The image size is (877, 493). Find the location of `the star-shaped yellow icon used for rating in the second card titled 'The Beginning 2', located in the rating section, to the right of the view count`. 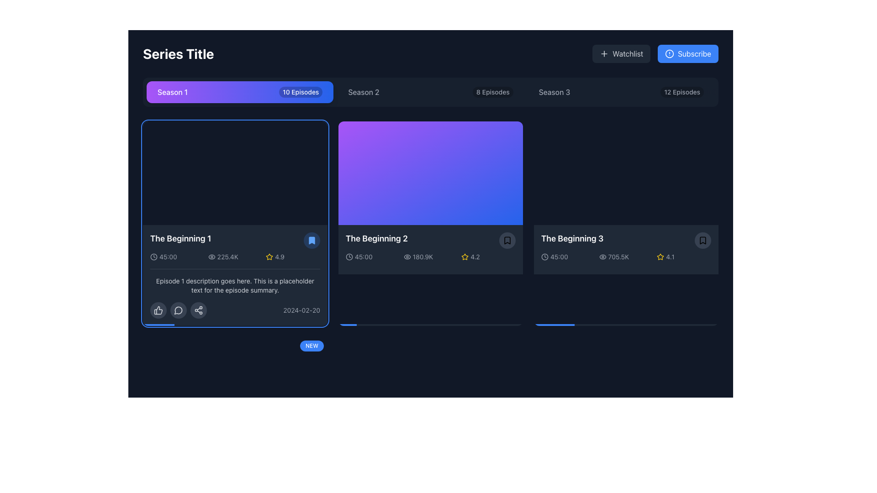

the star-shaped yellow icon used for rating in the second card titled 'The Beginning 2', located in the rating section, to the right of the view count is located at coordinates (465, 257).